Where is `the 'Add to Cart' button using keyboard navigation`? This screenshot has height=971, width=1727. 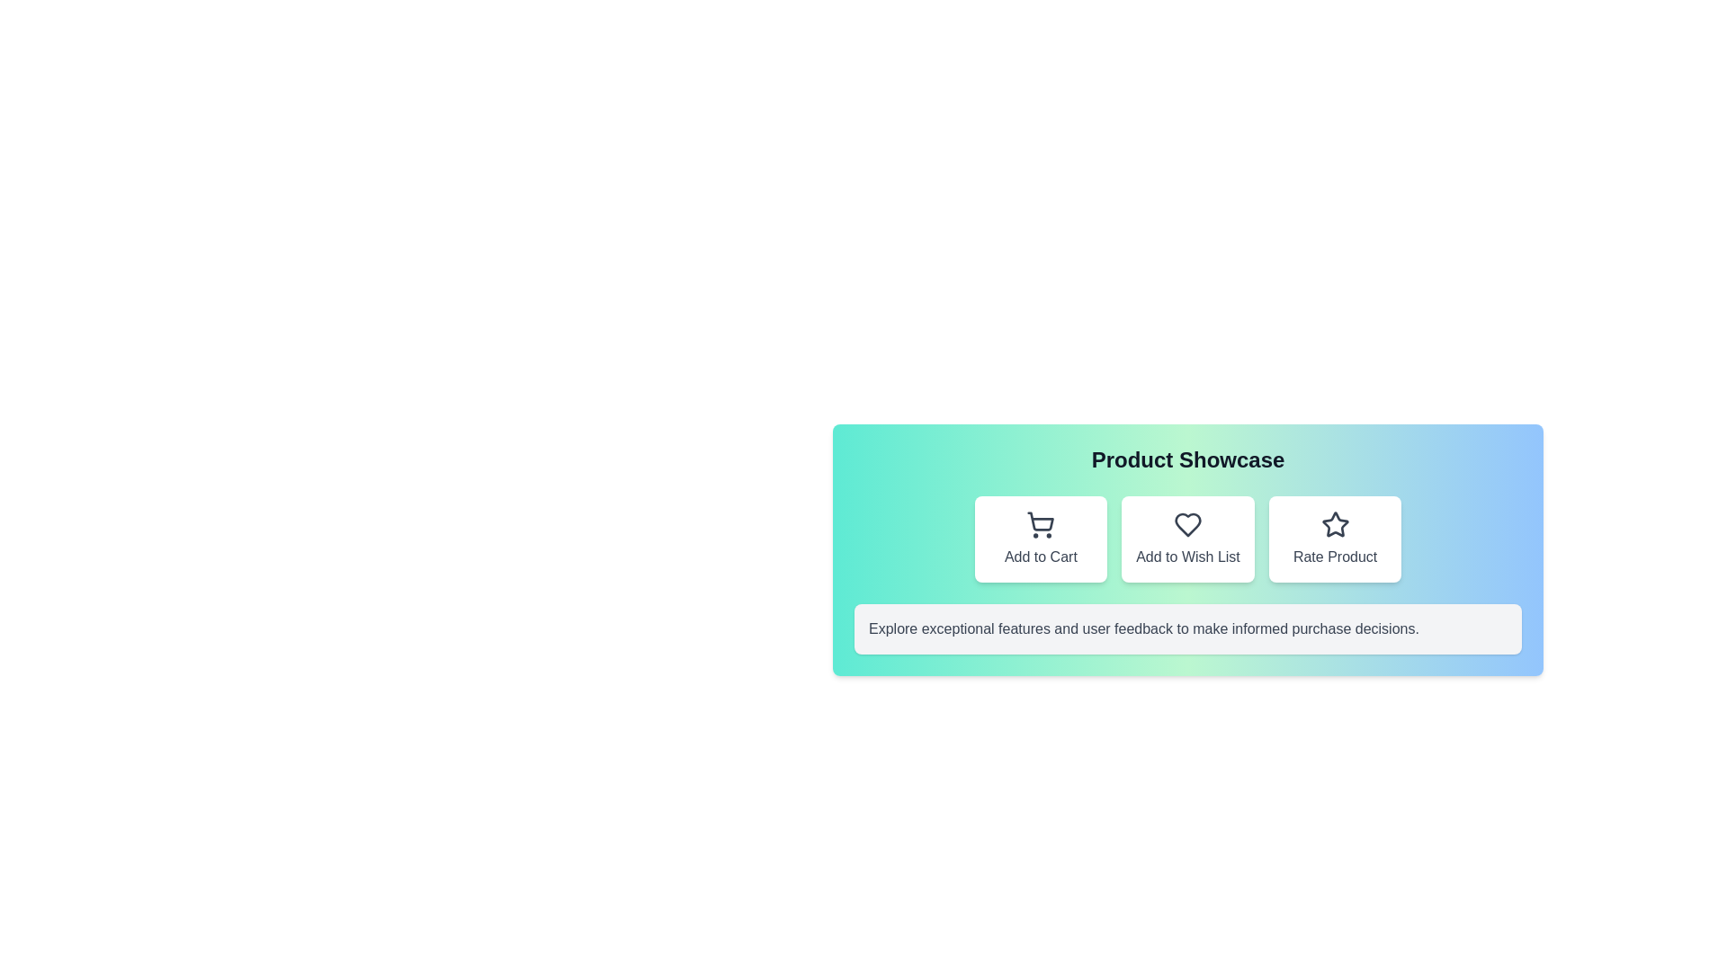 the 'Add to Cart' button using keyboard navigation is located at coordinates (1041, 539).